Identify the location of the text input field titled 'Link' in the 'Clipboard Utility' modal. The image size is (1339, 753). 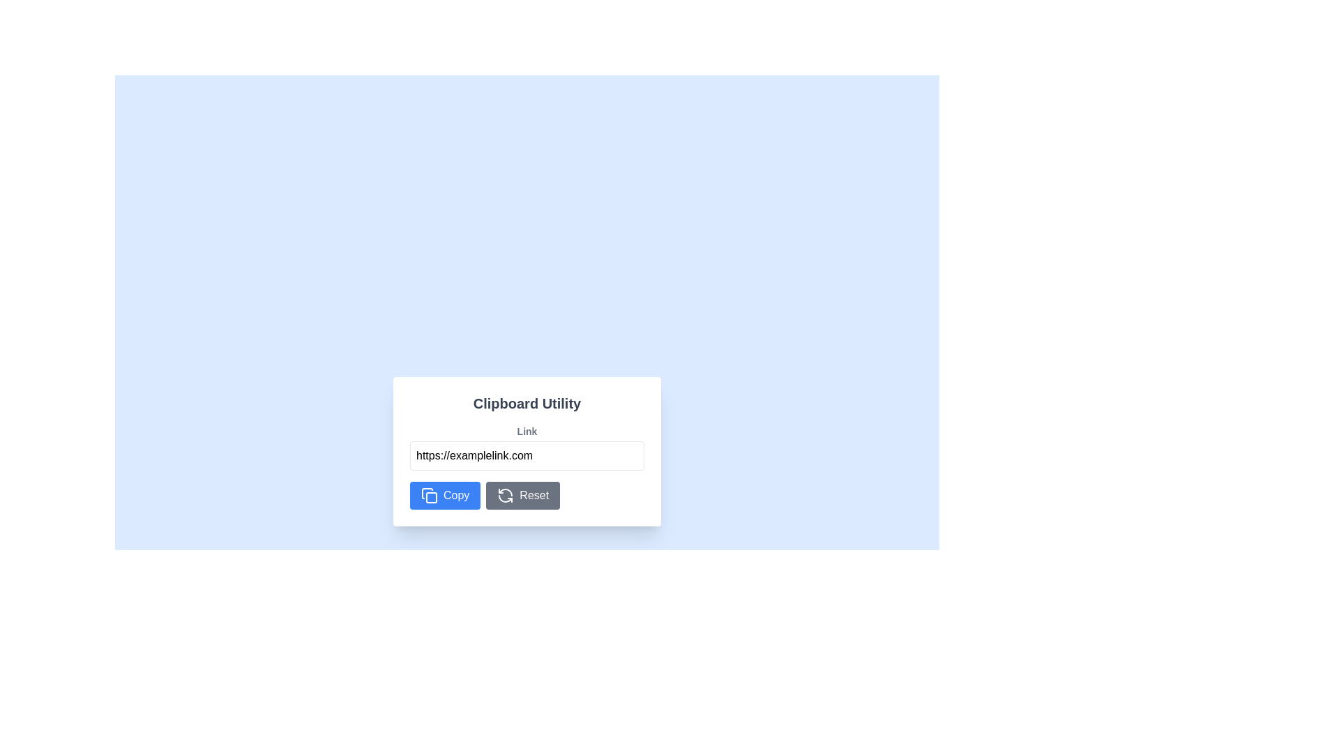
(526, 447).